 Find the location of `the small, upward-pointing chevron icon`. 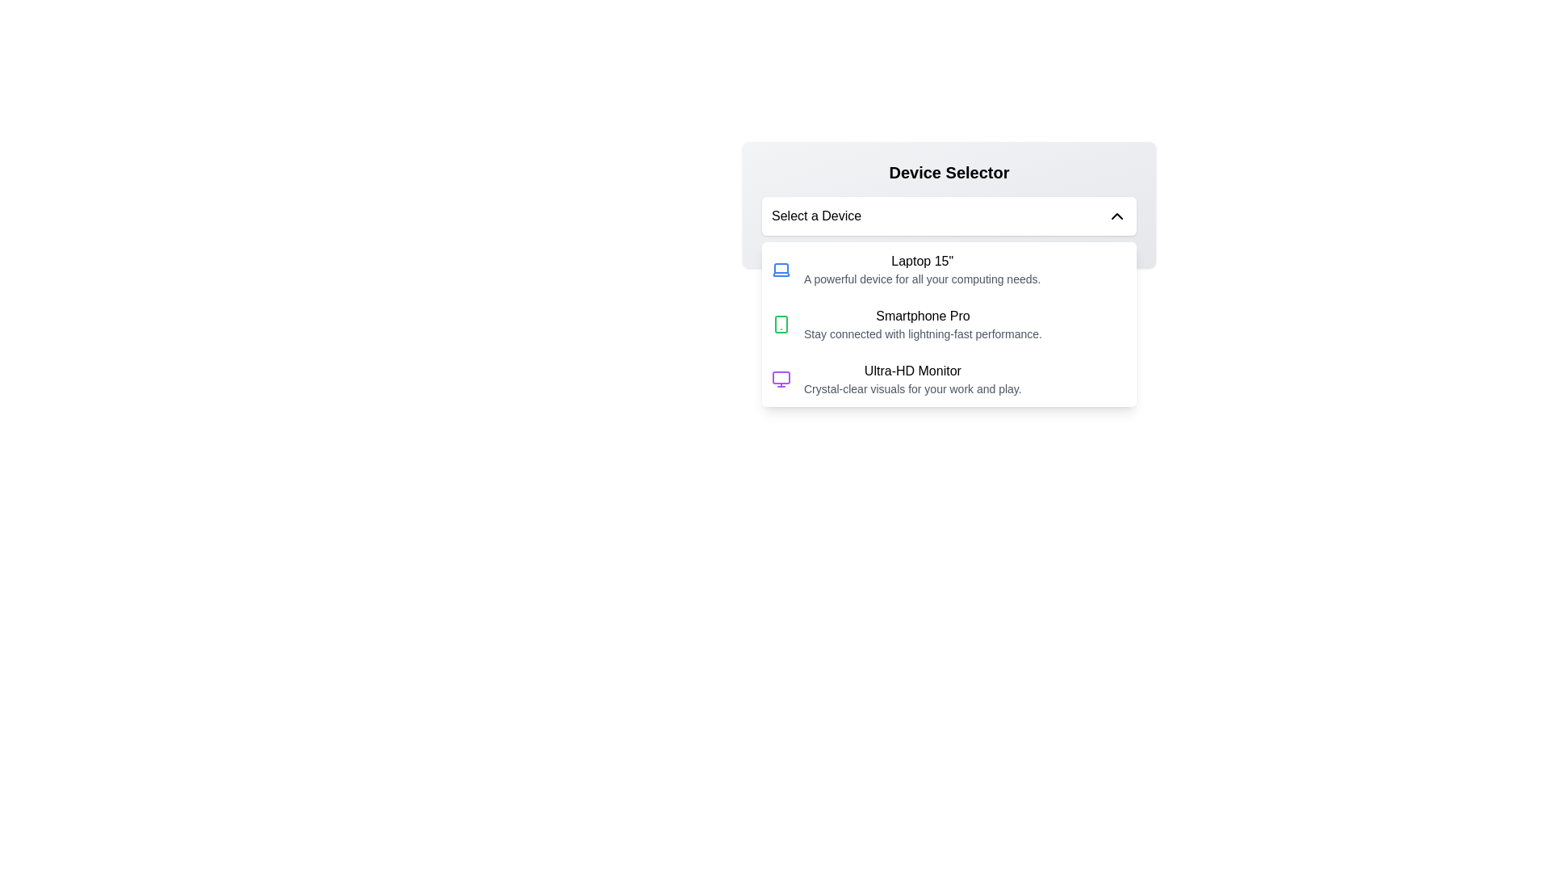

the small, upward-pointing chevron icon is located at coordinates (1116, 215).